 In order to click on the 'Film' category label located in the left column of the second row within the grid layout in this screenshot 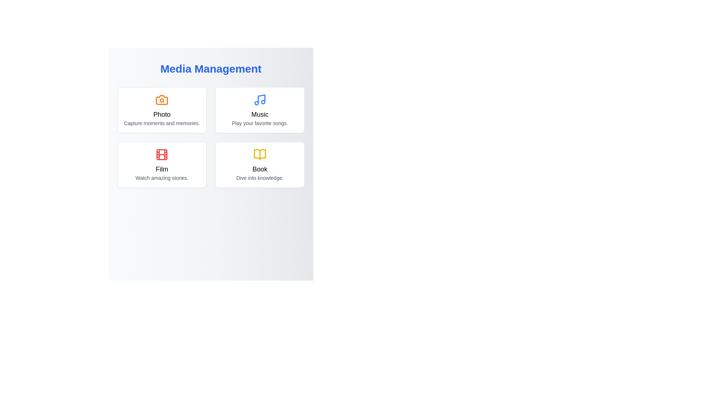, I will do `click(161, 169)`.